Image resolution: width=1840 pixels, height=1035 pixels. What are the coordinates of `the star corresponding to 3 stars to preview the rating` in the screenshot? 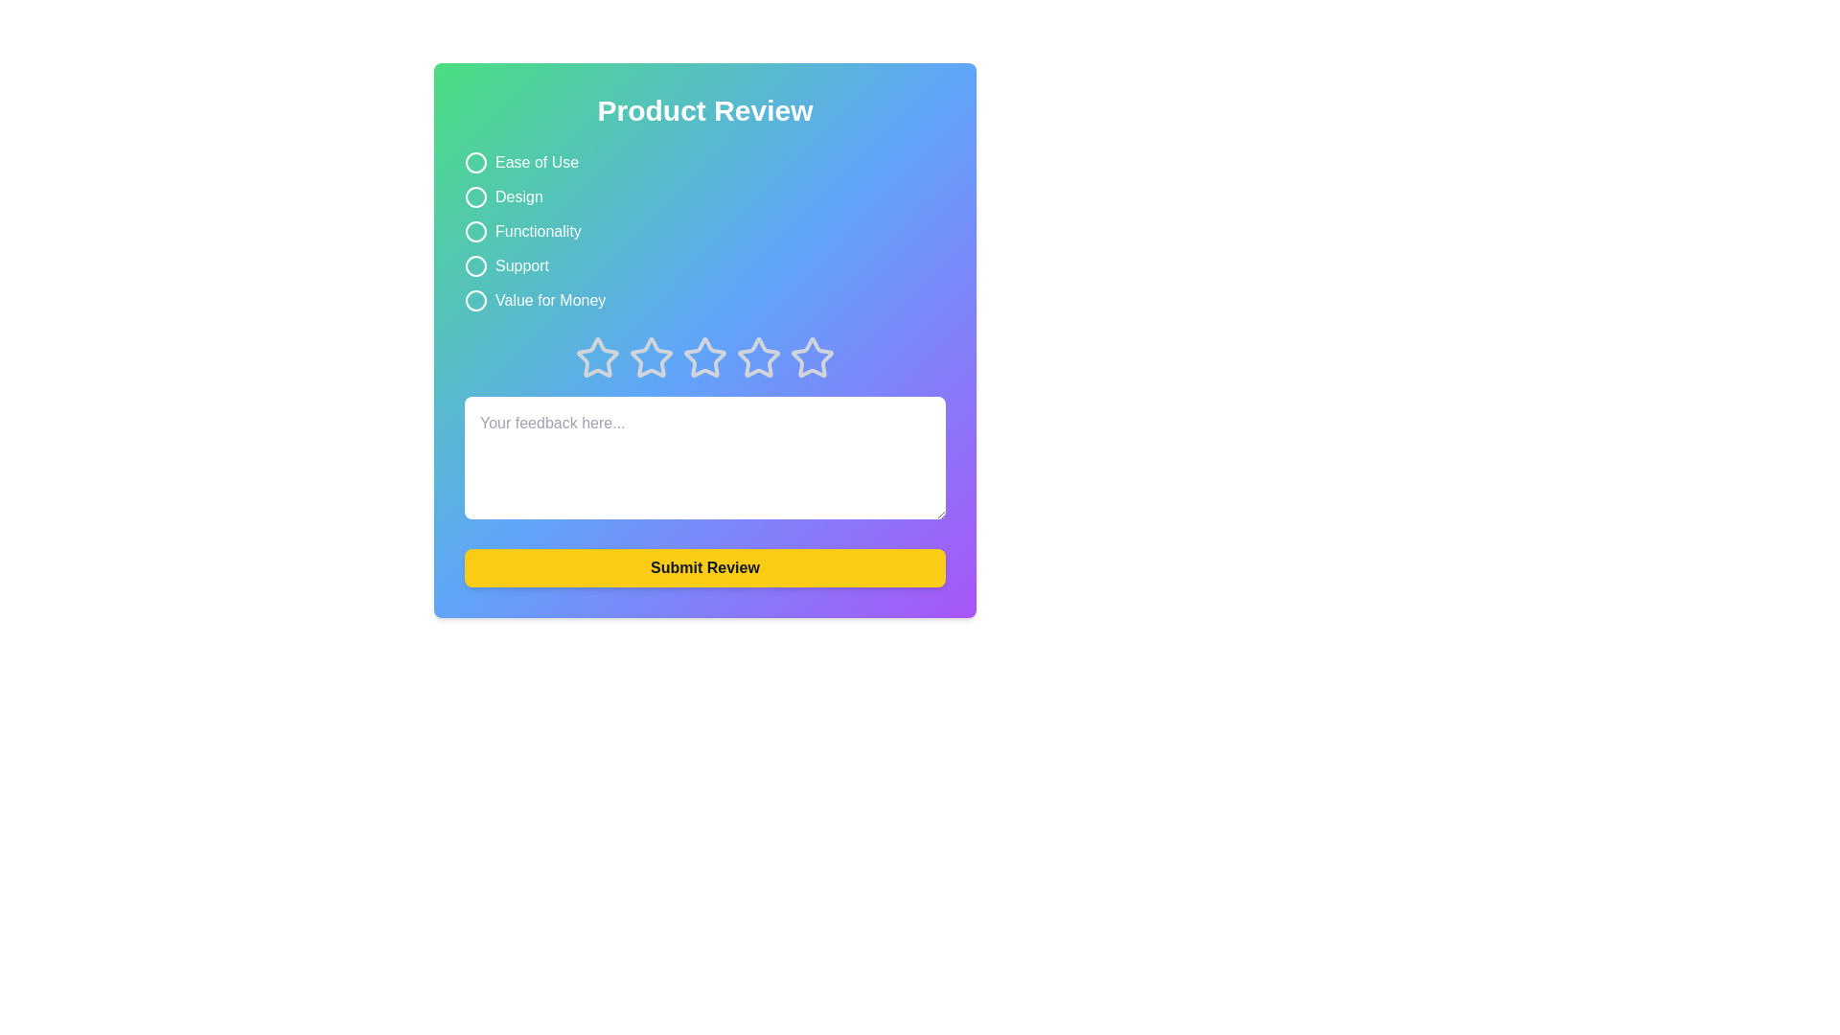 It's located at (703, 358).